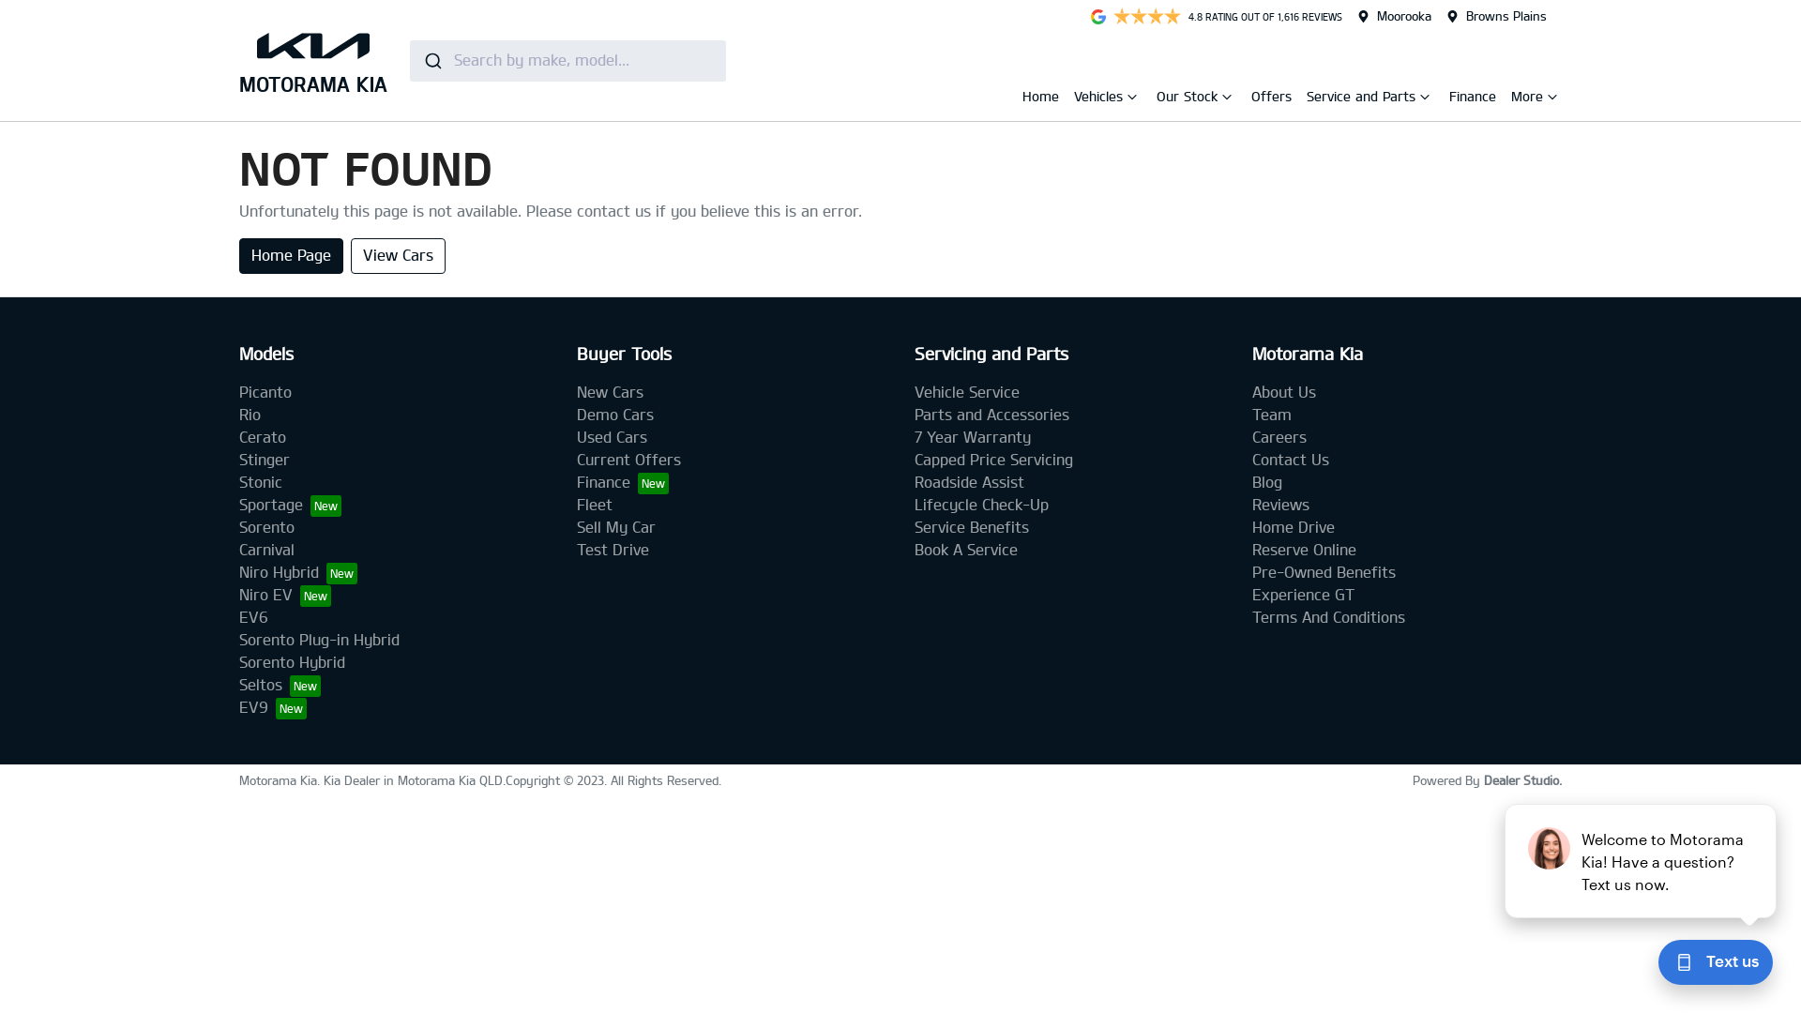 This screenshot has width=1801, height=1013. I want to click on 'Picanto', so click(265, 391).